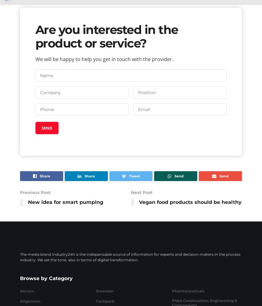  I want to click on 'Previous Post', so click(35, 192).